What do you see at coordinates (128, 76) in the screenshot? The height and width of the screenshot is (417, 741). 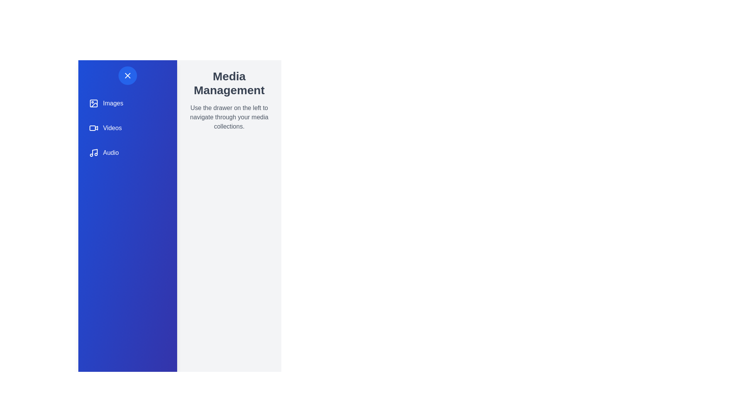 I see `the close icon located at the top of the vertical sidebar menu` at bounding box center [128, 76].